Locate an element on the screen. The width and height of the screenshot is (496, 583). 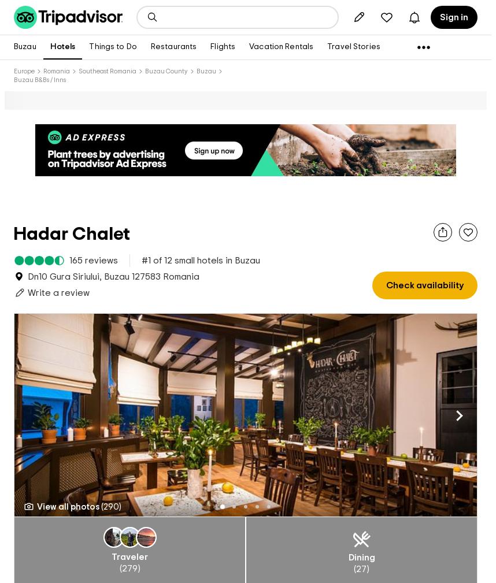
'Rental Cars' is located at coordinates (56, 70).